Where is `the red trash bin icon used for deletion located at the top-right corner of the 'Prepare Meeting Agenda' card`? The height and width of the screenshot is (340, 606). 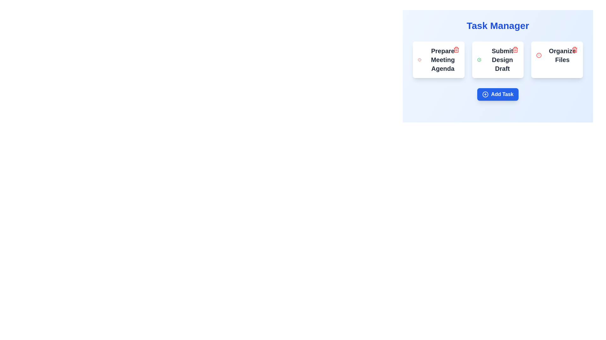
the red trash bin icon used for deletion located at the top-right corner of the 'Prepare Meeting Agenda' card is located at coordinates (456, 50).